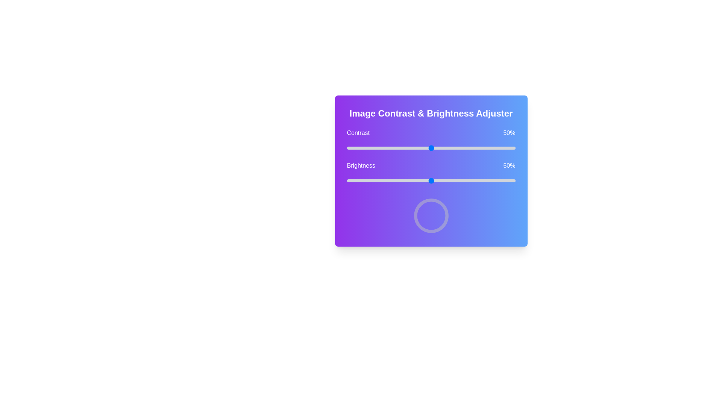  Describe the element at coordinates (423, 181) in the screenshot. I see `the brightness slider to 45%` at that location.